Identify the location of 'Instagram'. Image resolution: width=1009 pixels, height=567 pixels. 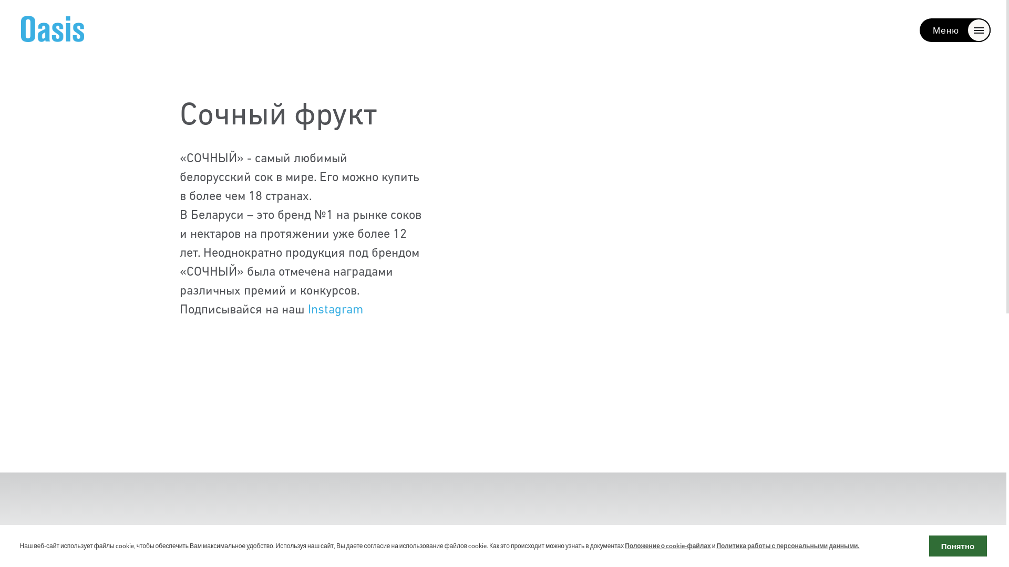
(335, 309).